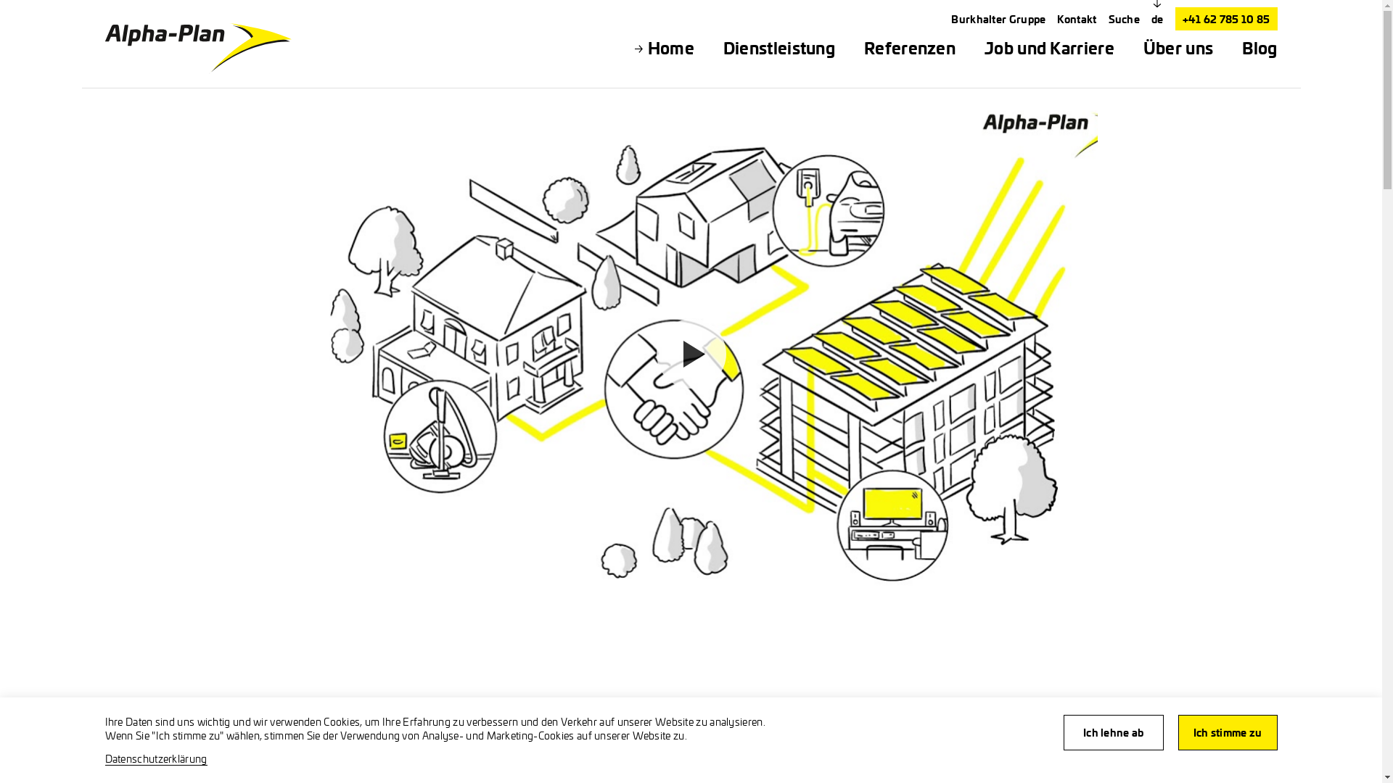 This screenshot has height=783, width=1393. I want to click on '+41 62 785 10 85', so click(1225, 19).